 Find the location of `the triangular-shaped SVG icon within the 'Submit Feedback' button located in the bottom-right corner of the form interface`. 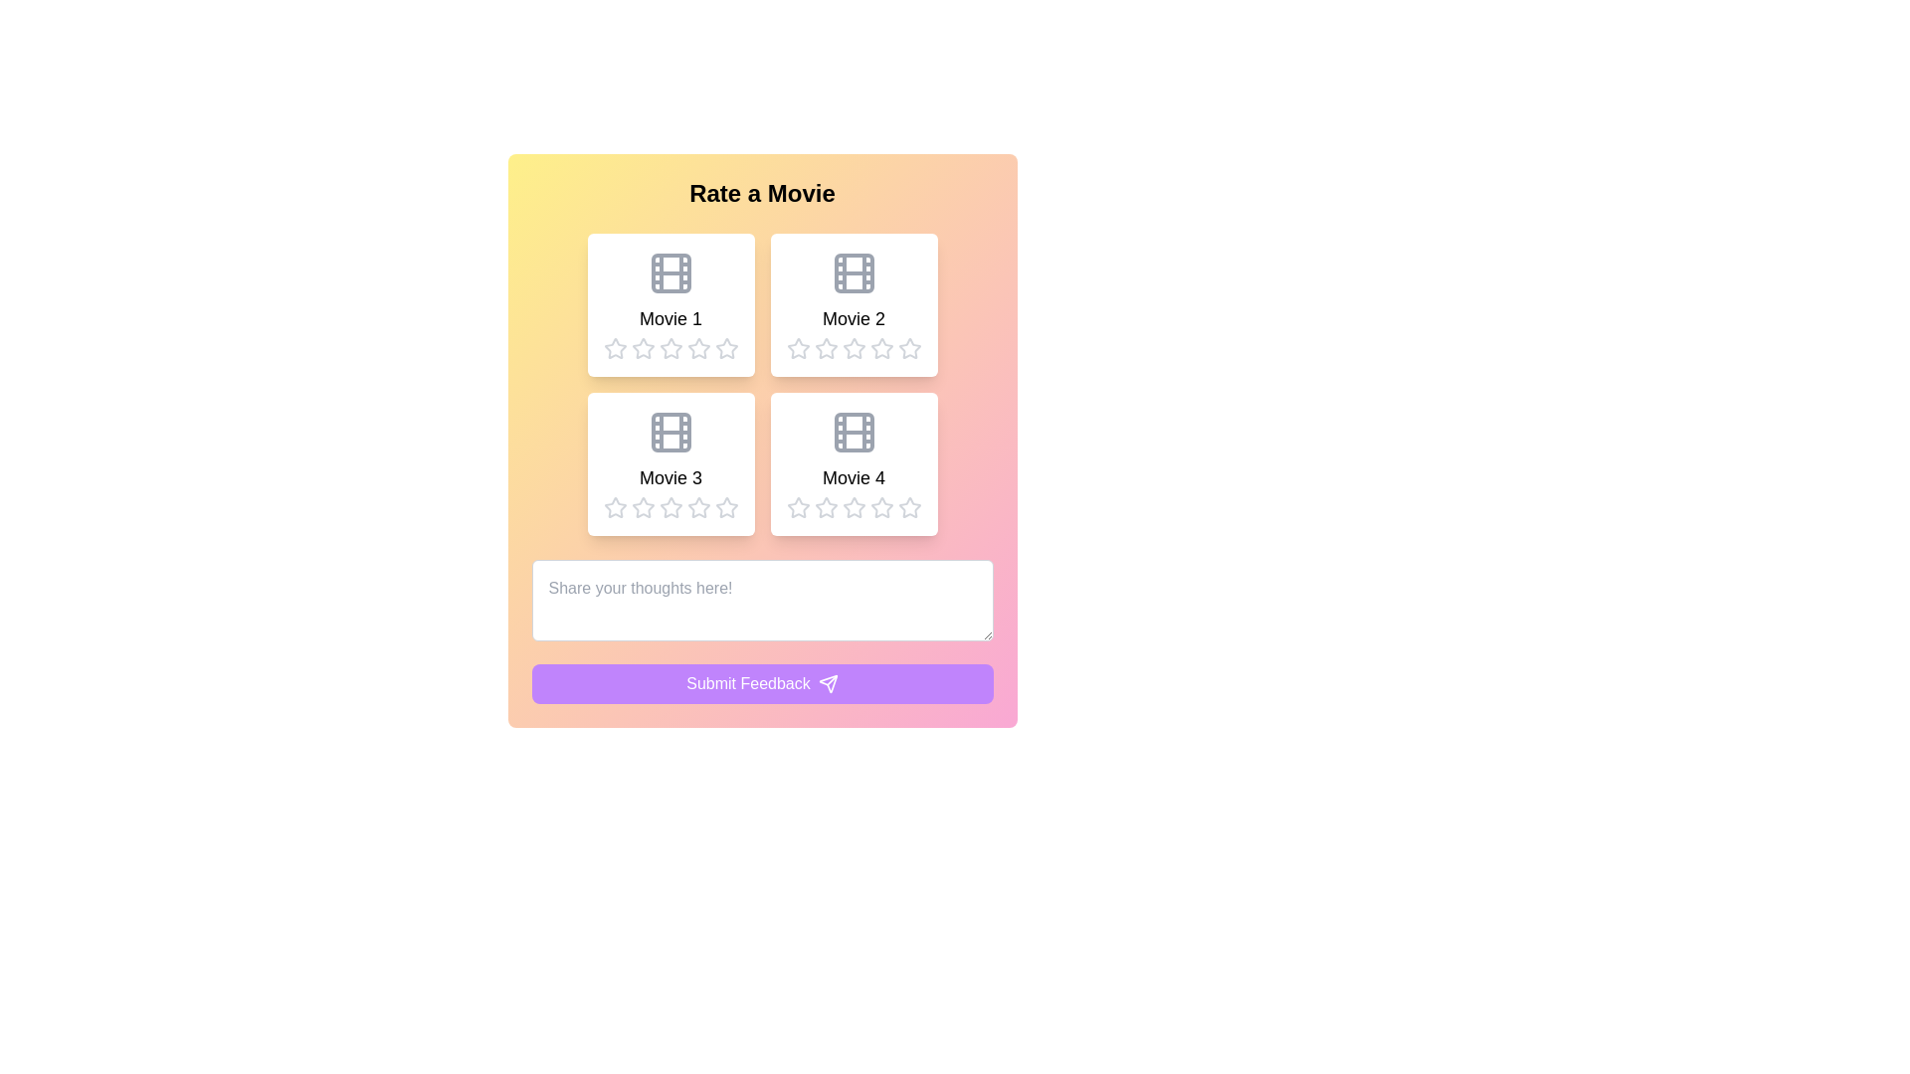

the triangular-shaped SVG icon within the 'Submit Feedback' button located in the bottom-right corner of the form interface is located at coordinates (828, 682).